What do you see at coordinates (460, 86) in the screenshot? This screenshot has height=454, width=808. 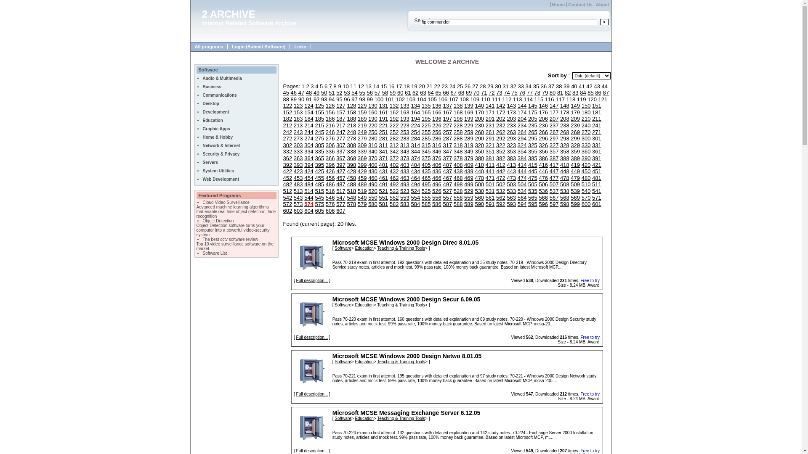 I see `'25'` at bounding box center [460, 86].